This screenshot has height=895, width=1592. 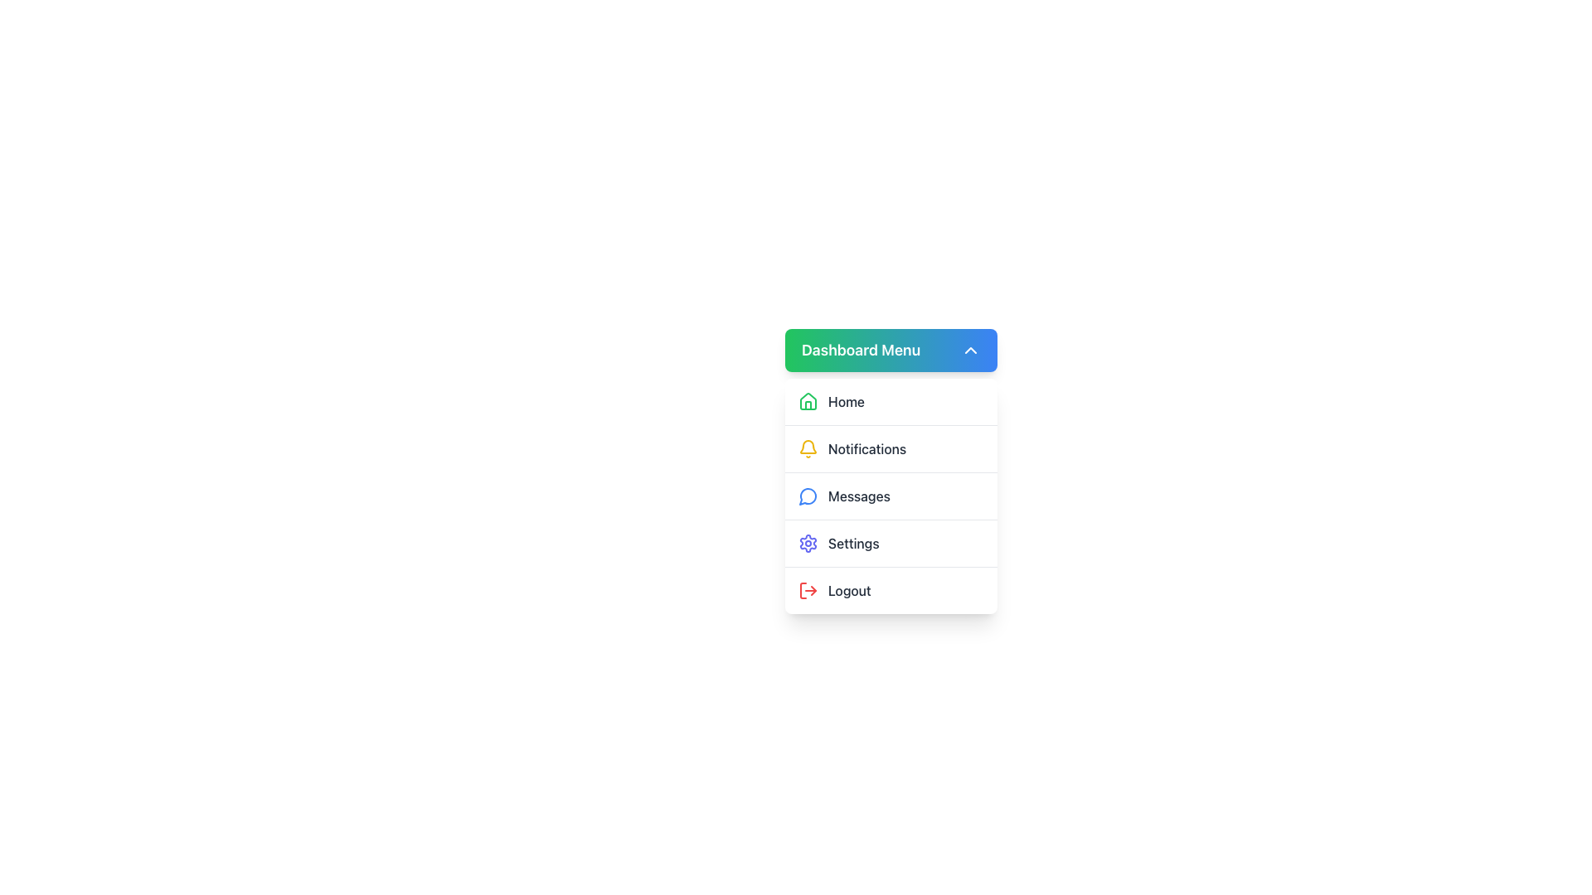 What do you see at coordinates (849, 590) in the screenshot?
I see `the 'Logout' text label in the dropdown menu, which is styled with medium font weight and gray color, located to the right of a red logout icon` at bounding box center [849, 590].